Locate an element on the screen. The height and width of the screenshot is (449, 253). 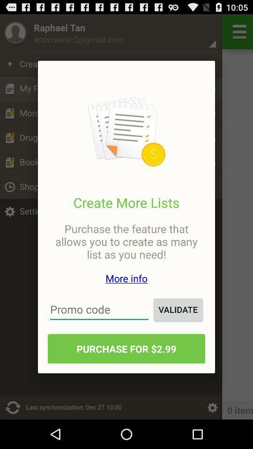
the icon to the left of validate item is located at coordinates (99, 309).